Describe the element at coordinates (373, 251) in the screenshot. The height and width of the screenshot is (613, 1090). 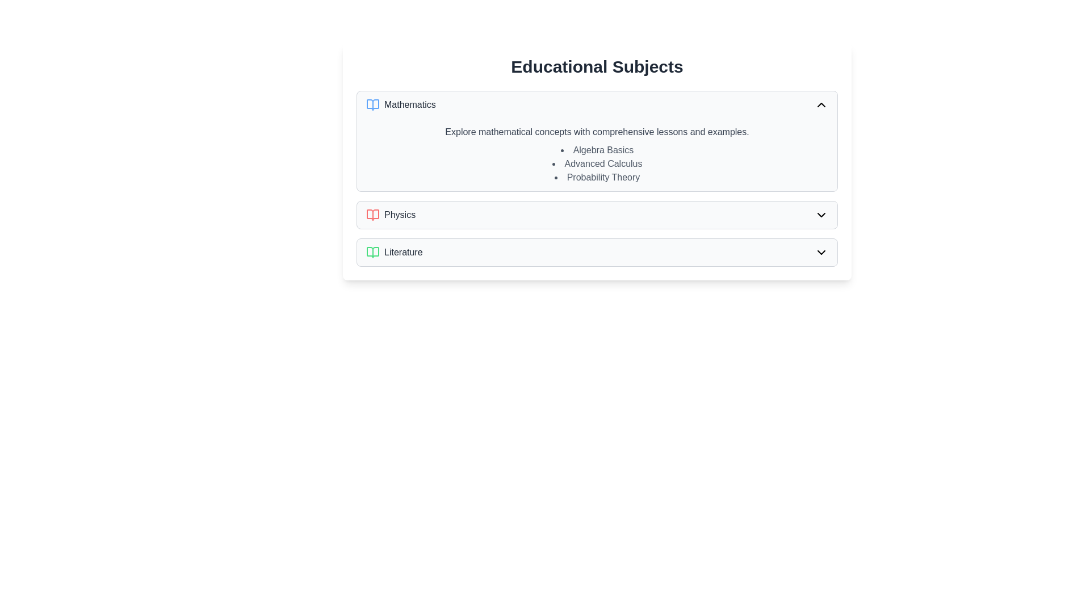
I see `the green open book icon located to the left of the 'Literature' text label within the 'Educational Subjects' options list` at that location.